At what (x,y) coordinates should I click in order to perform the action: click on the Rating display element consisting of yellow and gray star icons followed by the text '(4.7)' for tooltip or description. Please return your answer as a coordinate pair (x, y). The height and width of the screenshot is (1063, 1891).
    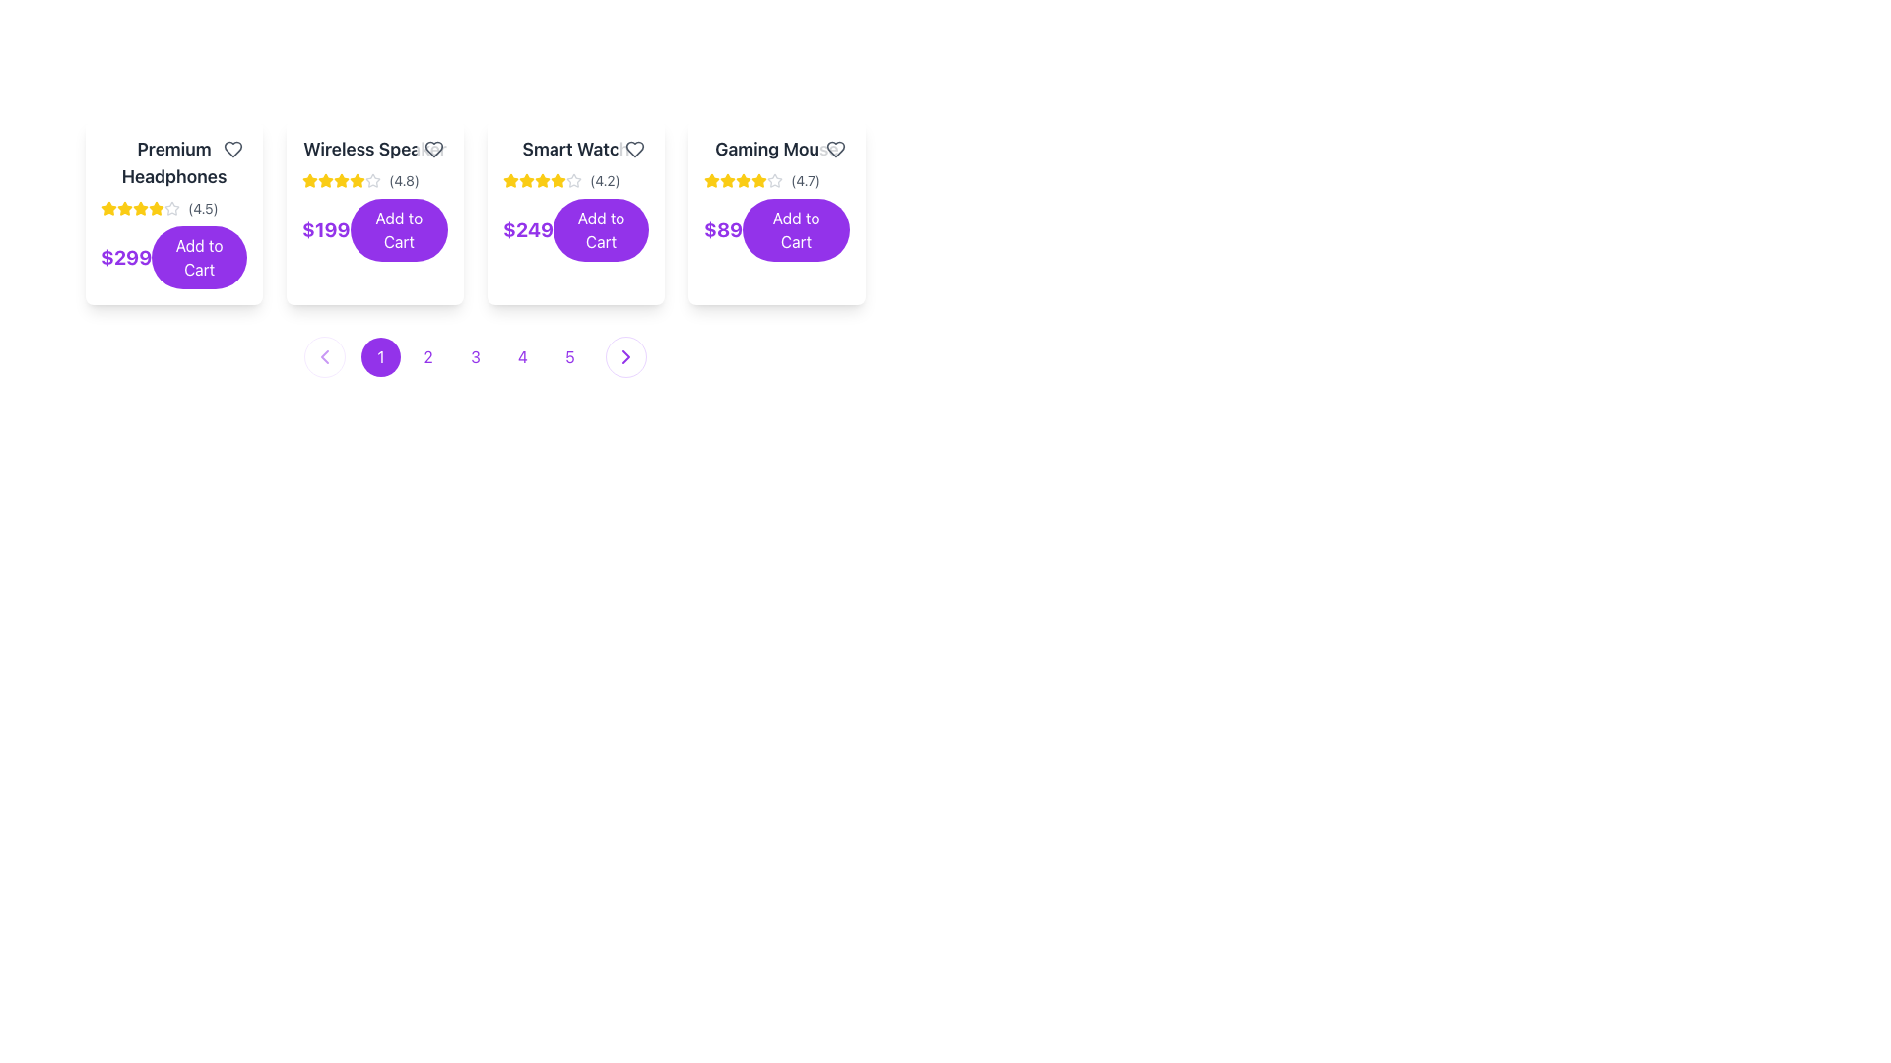
    Looking at the image, I should click on (775, 181).